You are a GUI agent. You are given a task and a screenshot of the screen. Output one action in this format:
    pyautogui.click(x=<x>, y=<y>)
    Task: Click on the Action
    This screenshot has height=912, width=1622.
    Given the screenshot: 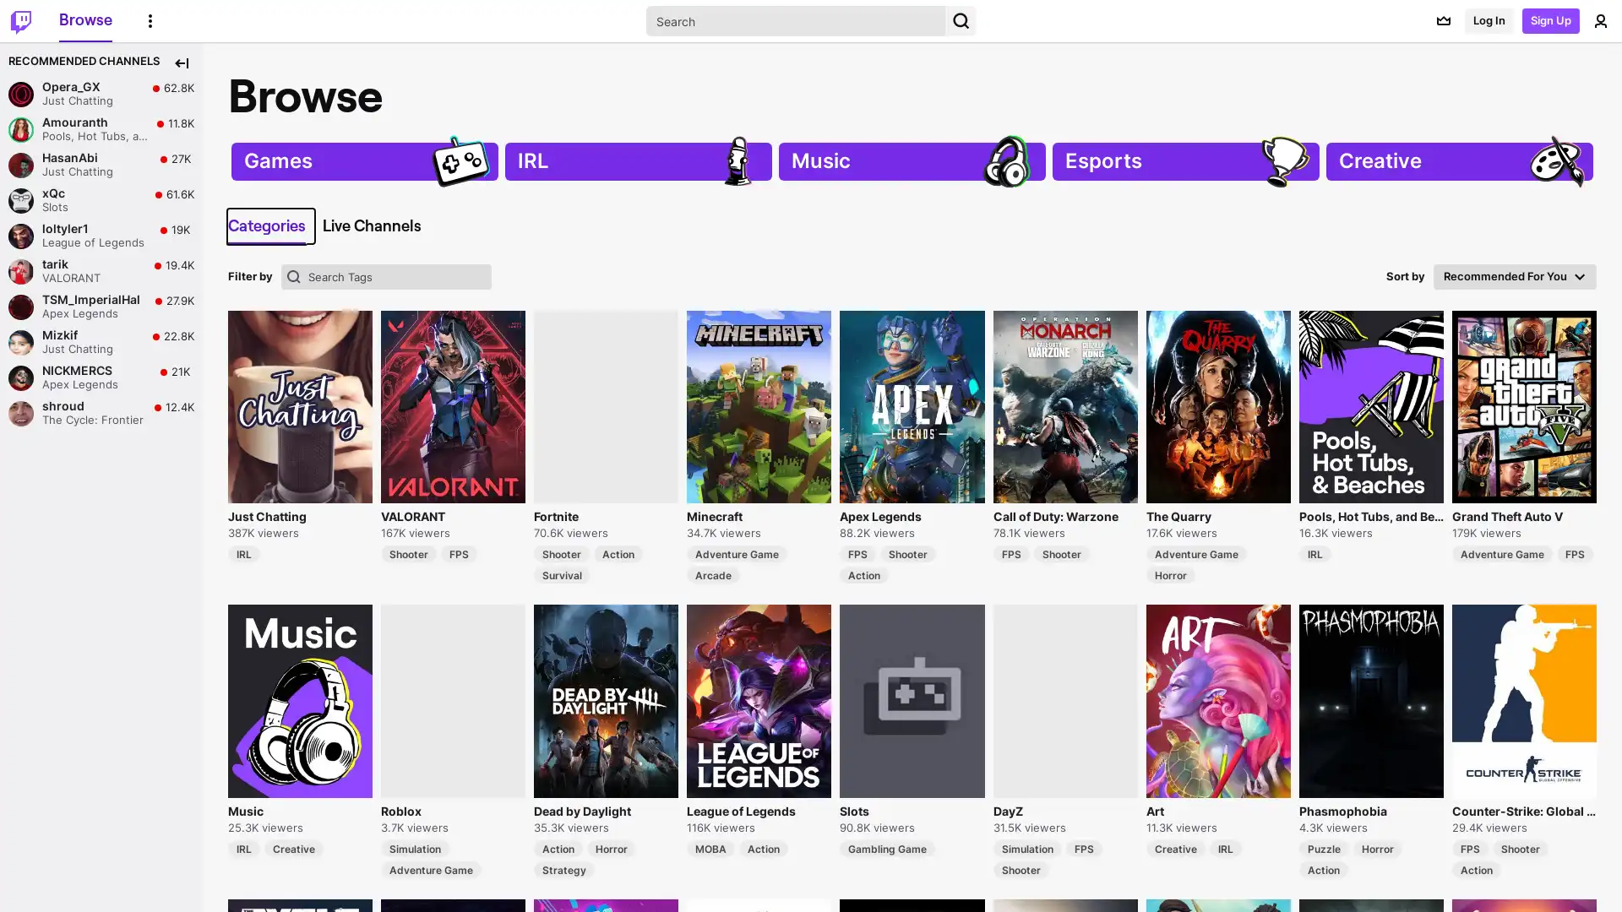 What is the action you would take?
    pyautogui.click(x=558, y=849)
    